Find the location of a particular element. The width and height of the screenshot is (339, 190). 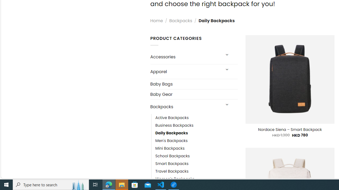

'Smart Backpacks' is located at coordinates (196, 164).